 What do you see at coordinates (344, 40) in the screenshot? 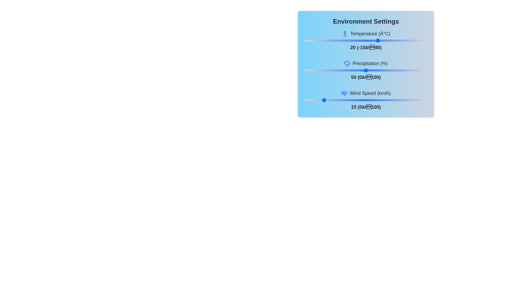
I see `the temperature` at bounding box center [344, 40].